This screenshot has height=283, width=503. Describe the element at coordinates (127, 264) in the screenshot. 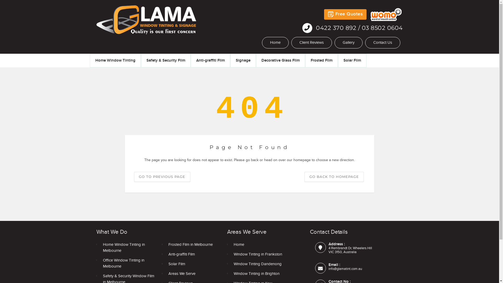

I see `'Office Window Tinting in Melbourne'` at that location.